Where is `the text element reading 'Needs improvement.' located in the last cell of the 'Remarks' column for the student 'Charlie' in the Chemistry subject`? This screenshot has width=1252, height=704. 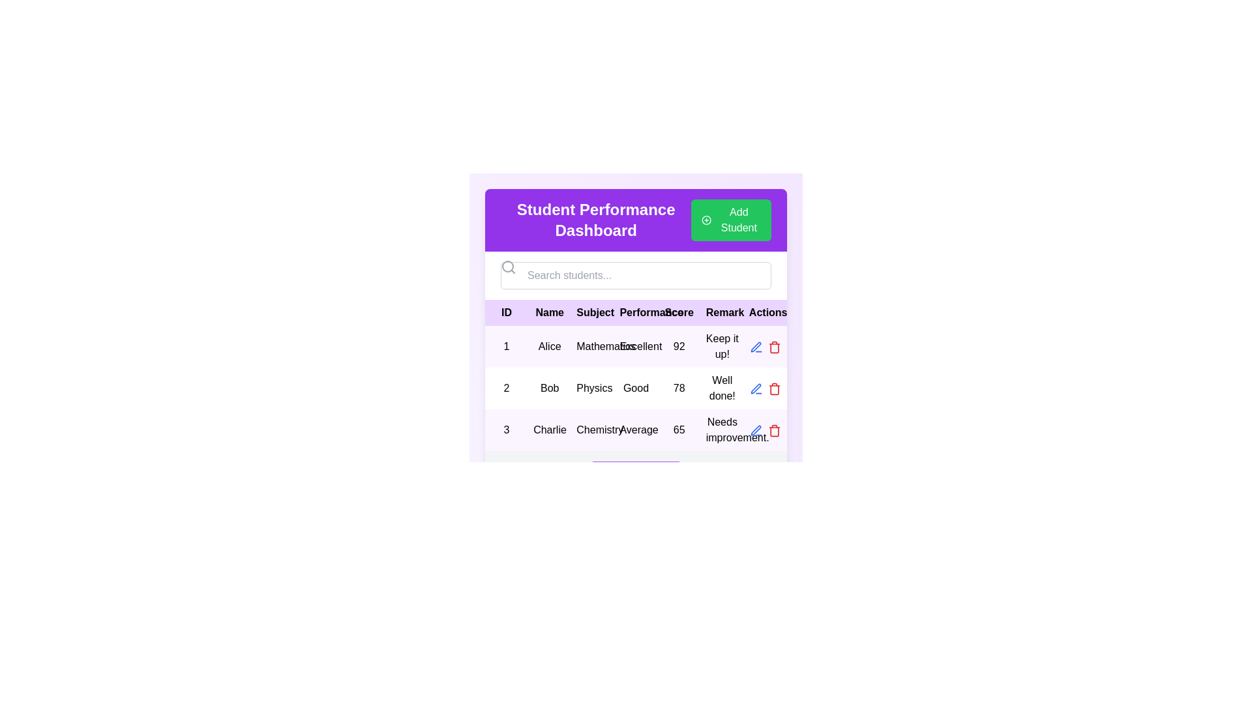
the text element reading 'Needs improvement.' located in the last cell of the 'Remarks' column for the student 'Charlie' in the Chemistry subject is located at coordinates (721, 430).